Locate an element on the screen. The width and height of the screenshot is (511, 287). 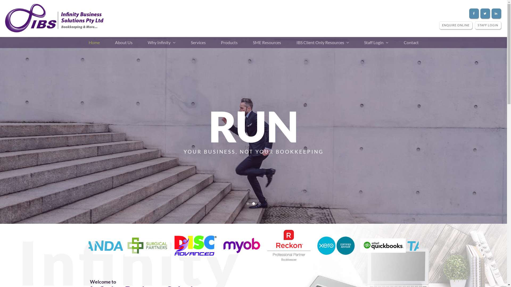
'Products' is located at coordinates (229, 42).